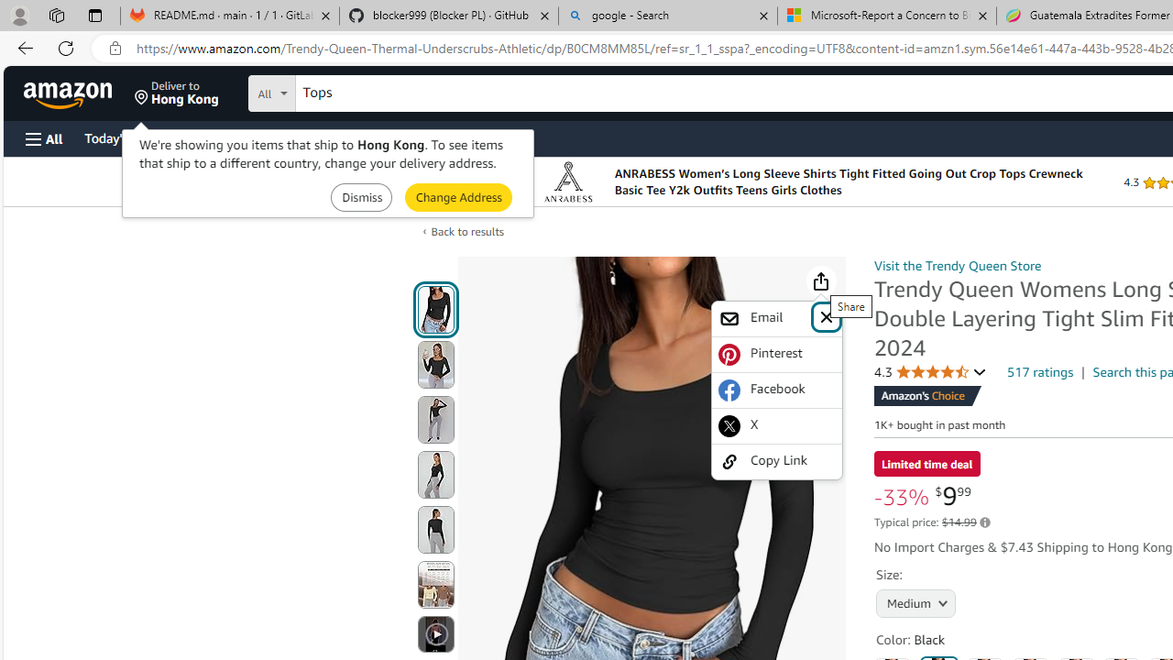 The width and height of the screenshot is (1173, 660). Describe the element at coordinates (70, 93) in the screenshot. I see `'Amazon'` at that location.